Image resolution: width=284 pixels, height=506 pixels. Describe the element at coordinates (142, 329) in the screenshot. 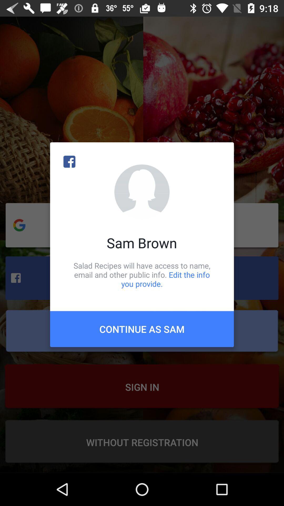

I see `the continue as sam icon` at that location.